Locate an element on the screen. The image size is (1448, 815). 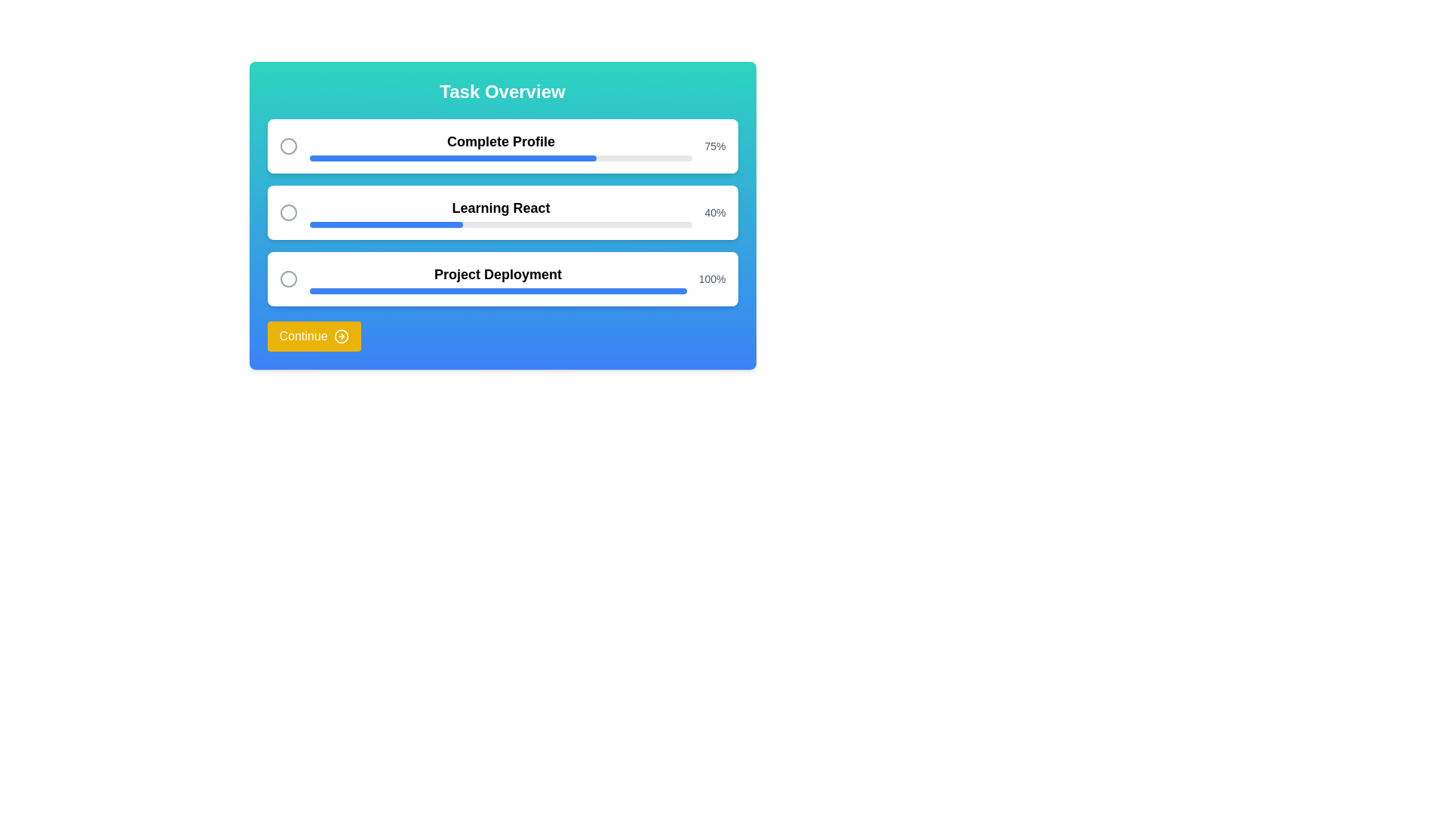
the third hollow circle indicator in the Task Overview section, which is gray and part of the task row for 'Project Deployment' is located at coordinates (288, 279).